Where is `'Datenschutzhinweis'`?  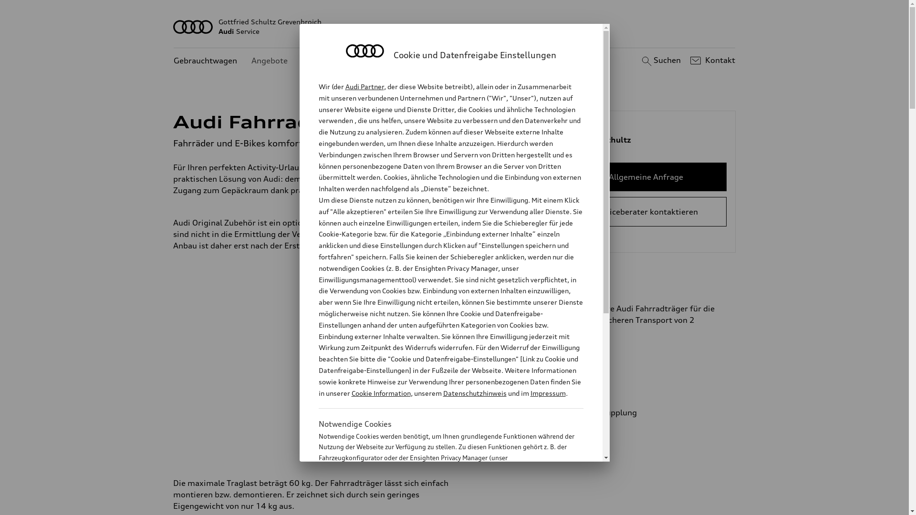 'Datenschutzhinweis' is located at coordinates (474, 393).